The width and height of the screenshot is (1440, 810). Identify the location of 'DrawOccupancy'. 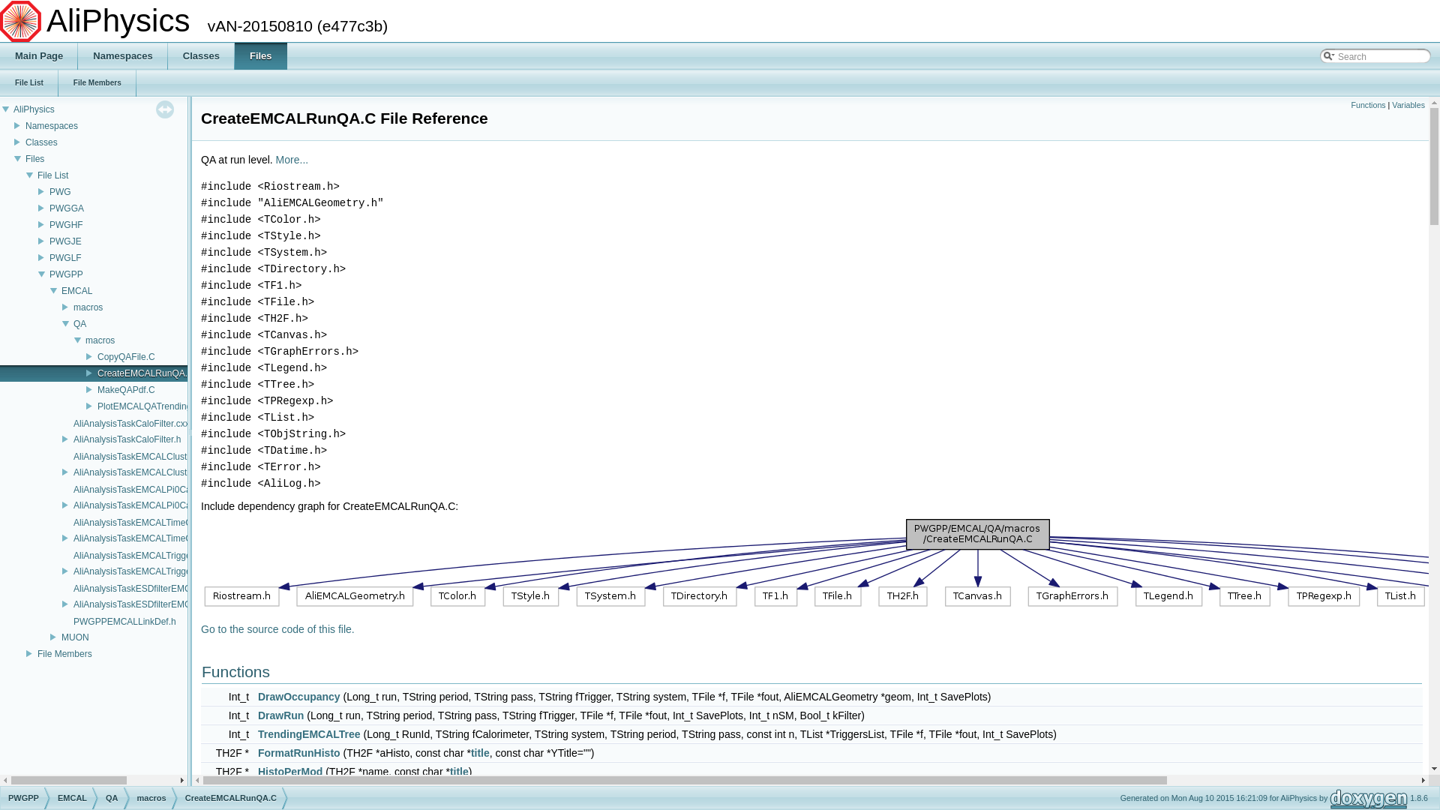
(298, 697).